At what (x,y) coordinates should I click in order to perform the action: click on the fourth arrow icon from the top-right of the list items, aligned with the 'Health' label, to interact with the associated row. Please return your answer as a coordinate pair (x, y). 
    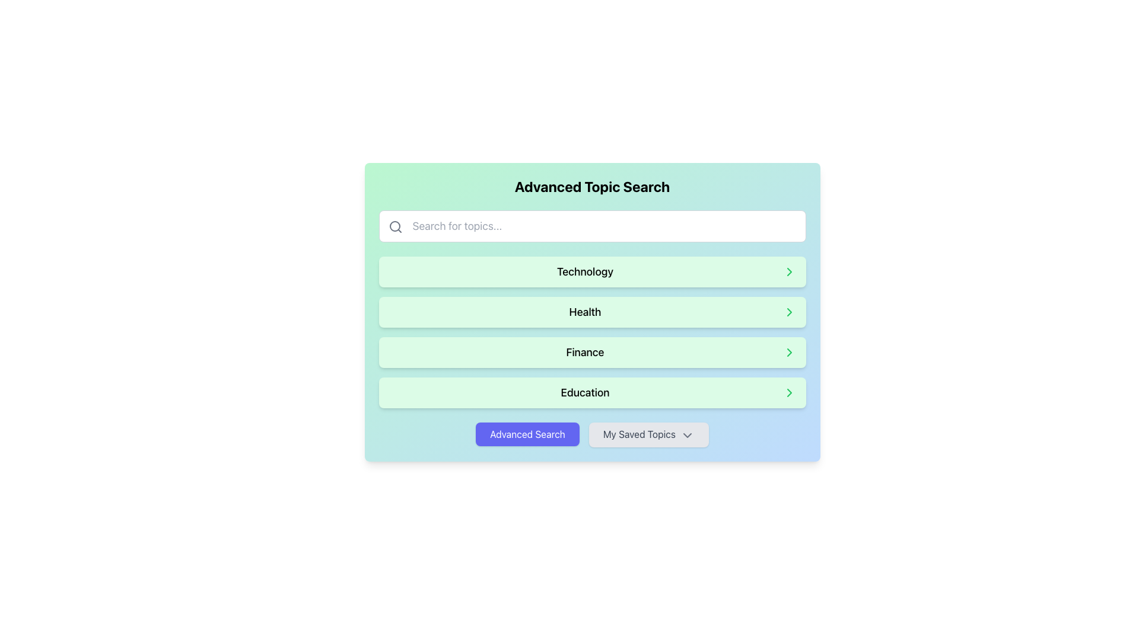
    Looking at the image, I should click on (789, 312).